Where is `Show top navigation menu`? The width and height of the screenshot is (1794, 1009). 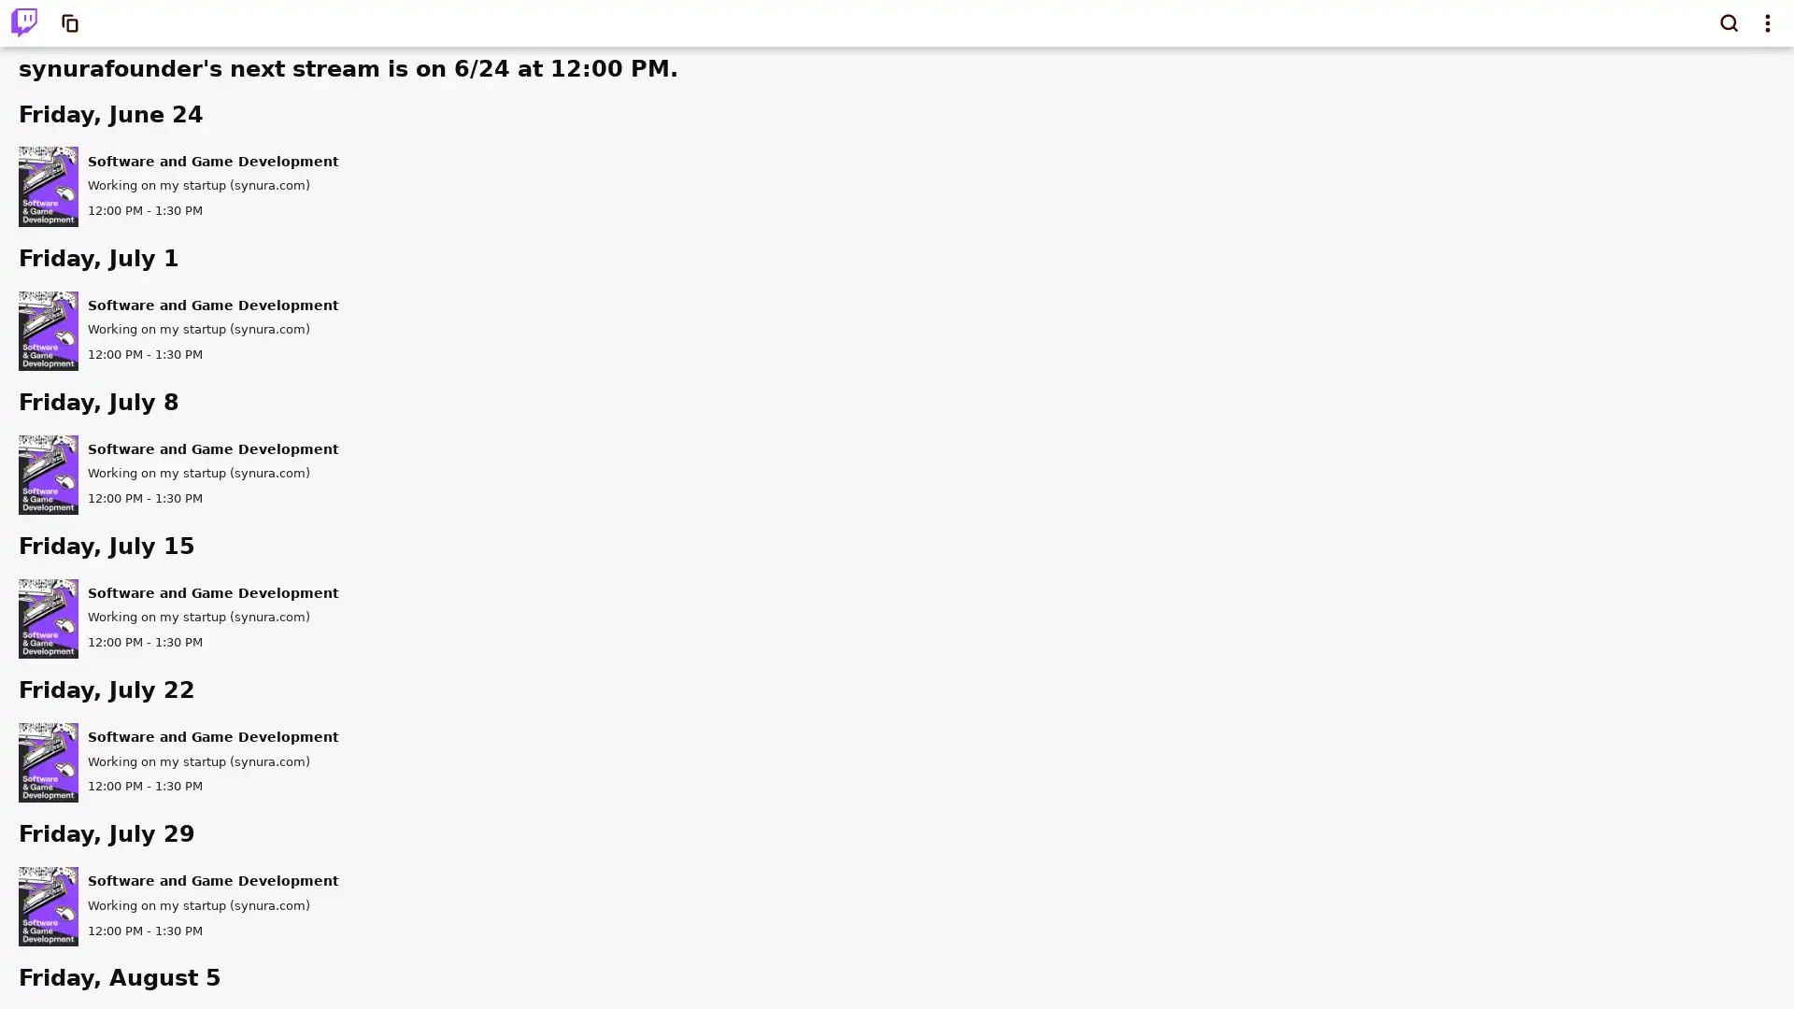
Show top navigation menu is located at coordinates (1766, 22).